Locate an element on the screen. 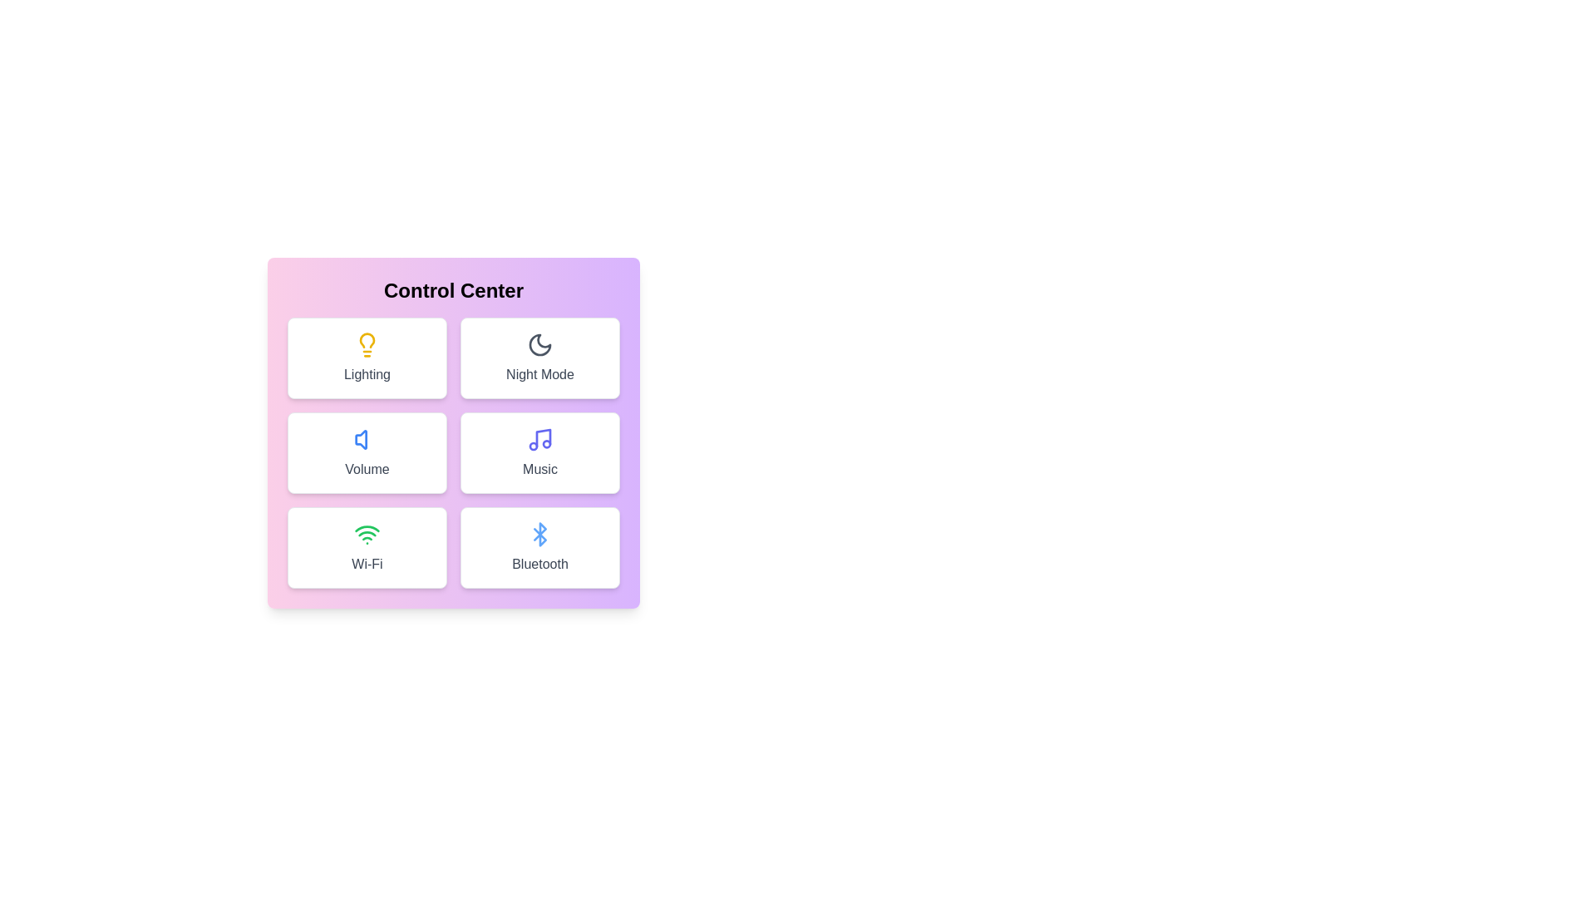 This screenshot has width=1596, height=898. the title text 'Control Center' to select it is located at coordinates (454, 290).